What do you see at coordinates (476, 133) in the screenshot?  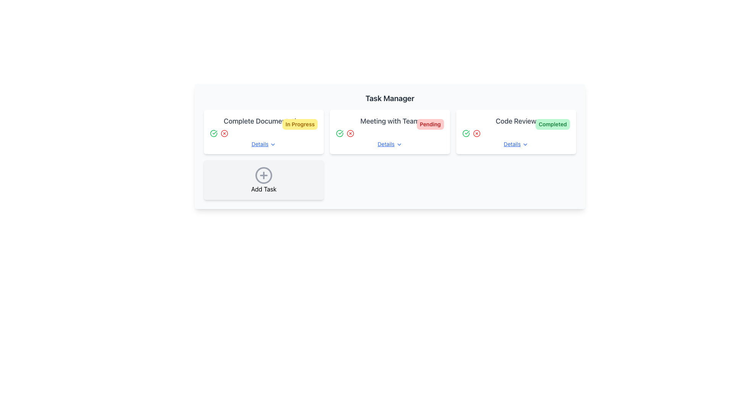 I see `the cancellation icon located to the left of the green 'check' icon and to the right of the 'Code Review' task title` at bounding box center [476, 133].